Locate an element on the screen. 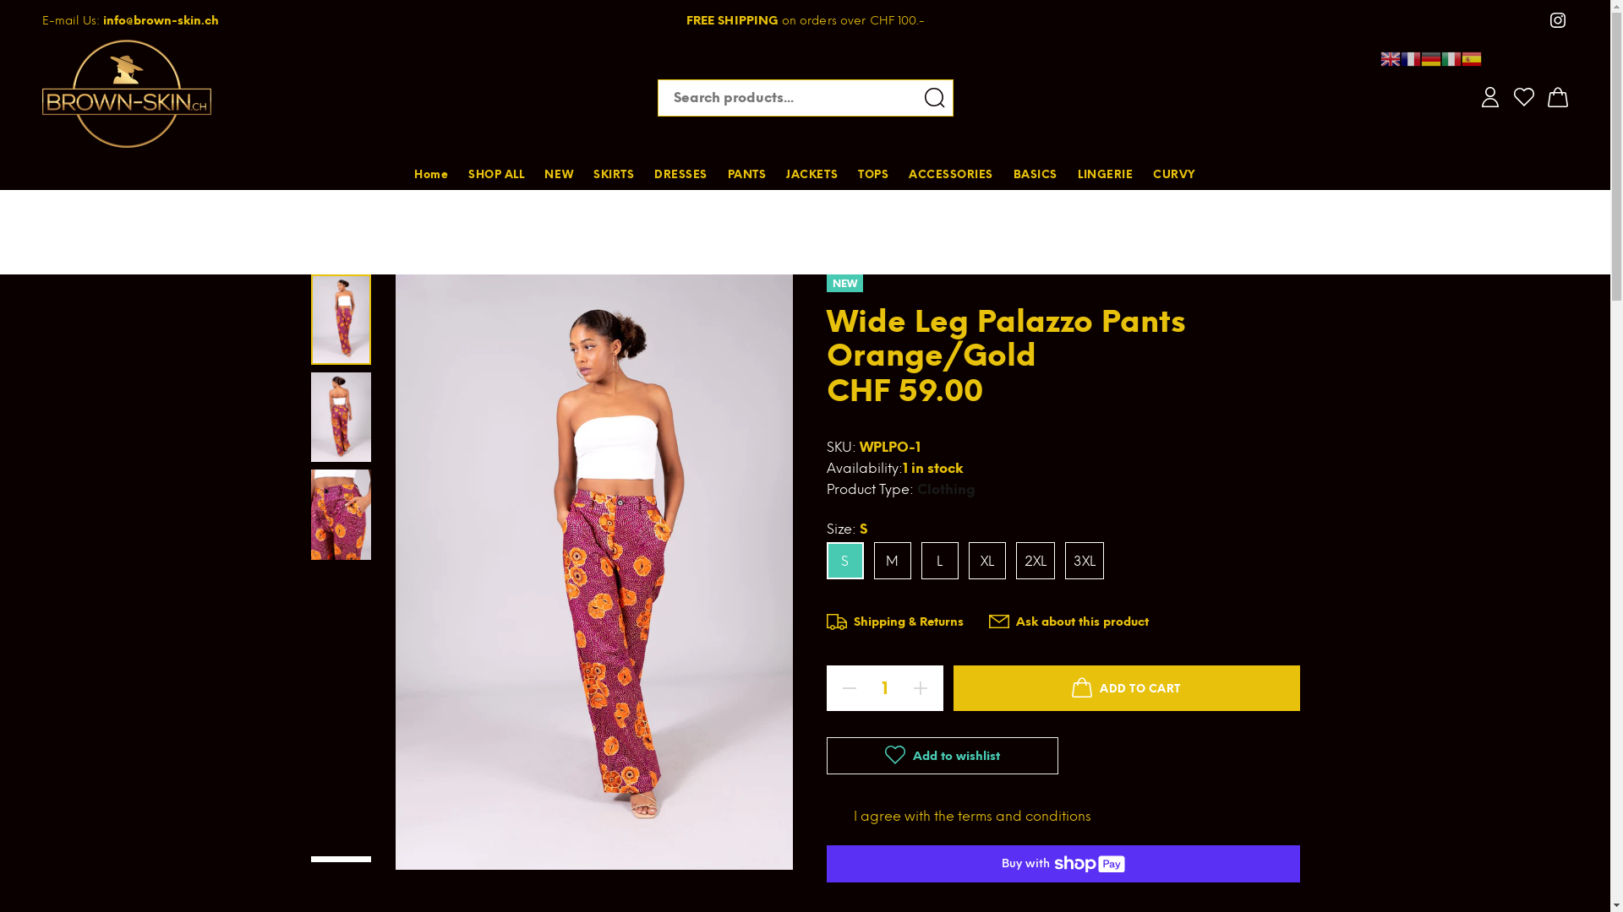 The image size is (1623, 912). 'Ask about this product' is located at coordinates (1068, 622).